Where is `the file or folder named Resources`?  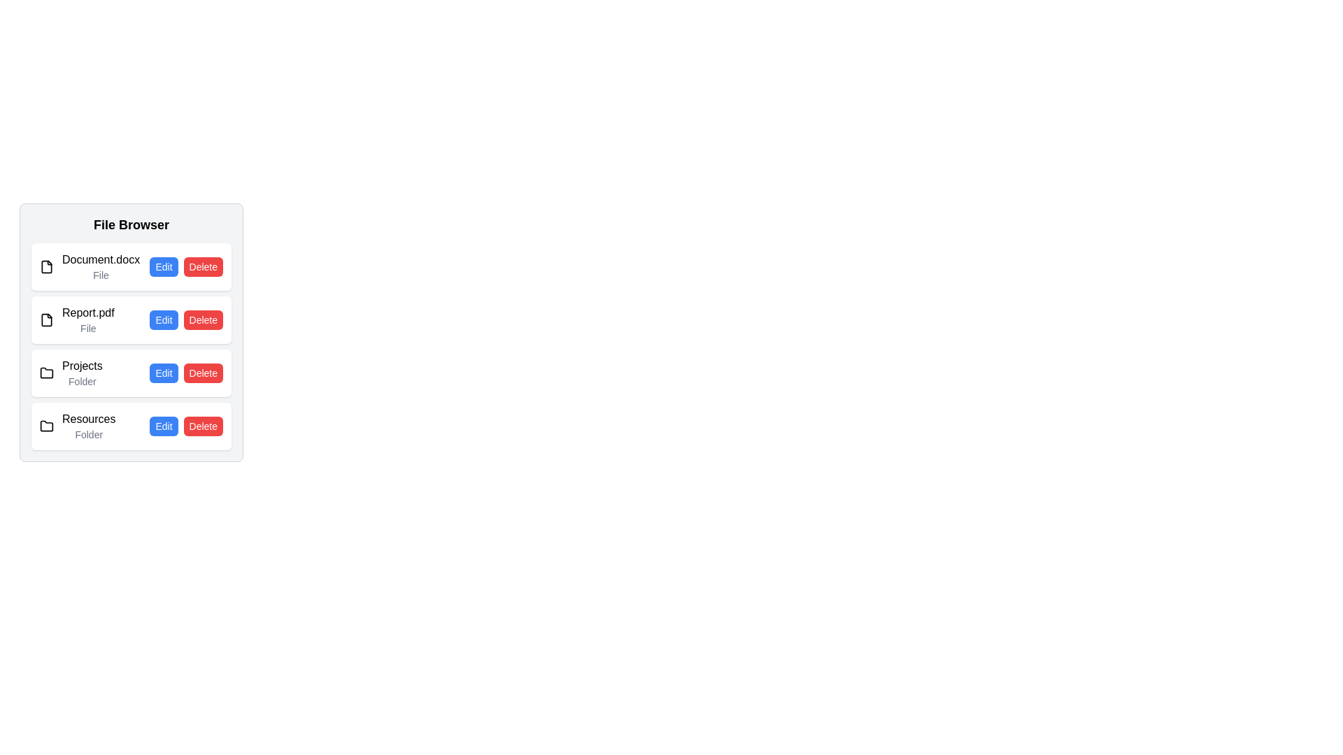
the file or folder named Resources is located at coordinates (131, 425).